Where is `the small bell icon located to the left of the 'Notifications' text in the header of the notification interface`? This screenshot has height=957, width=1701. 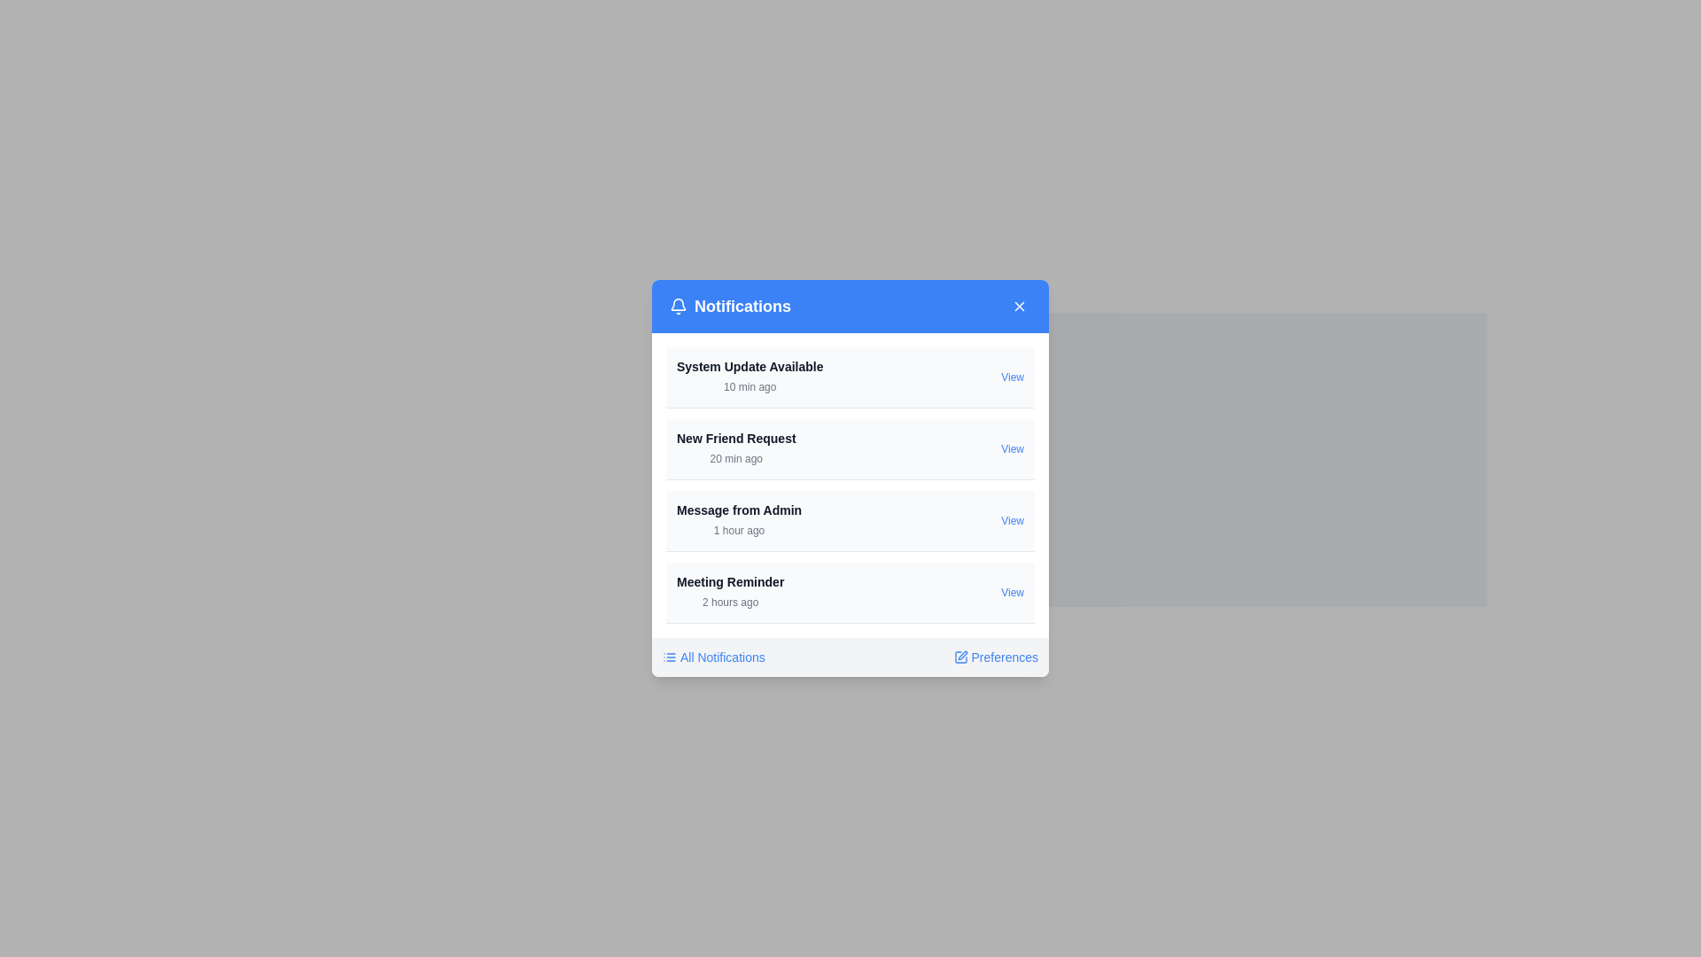 the small bell icon located to the left of the 'Notifications' text in the header of the notification interface is located at coordinates (678, 306).